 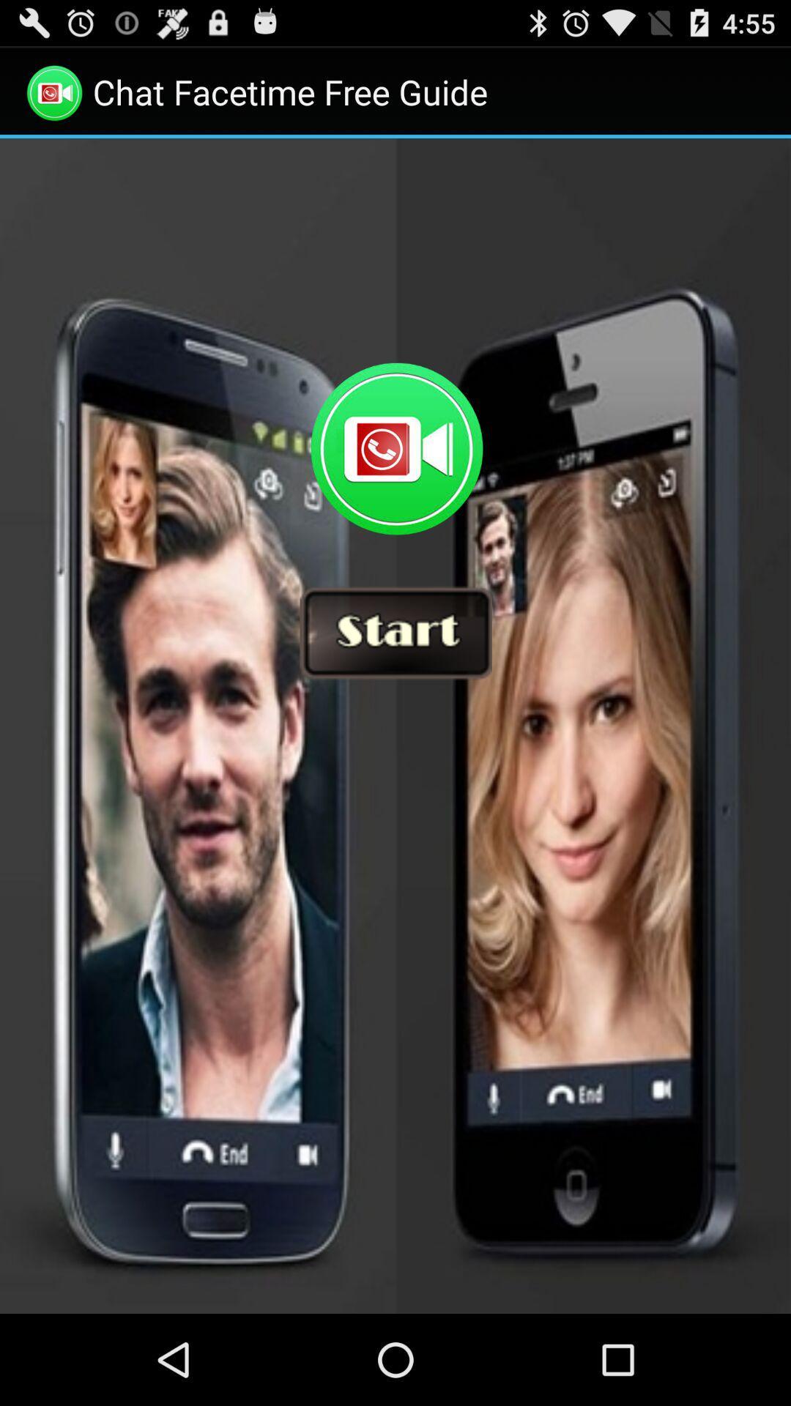 I want to click on description, so click(x=395, y=726).